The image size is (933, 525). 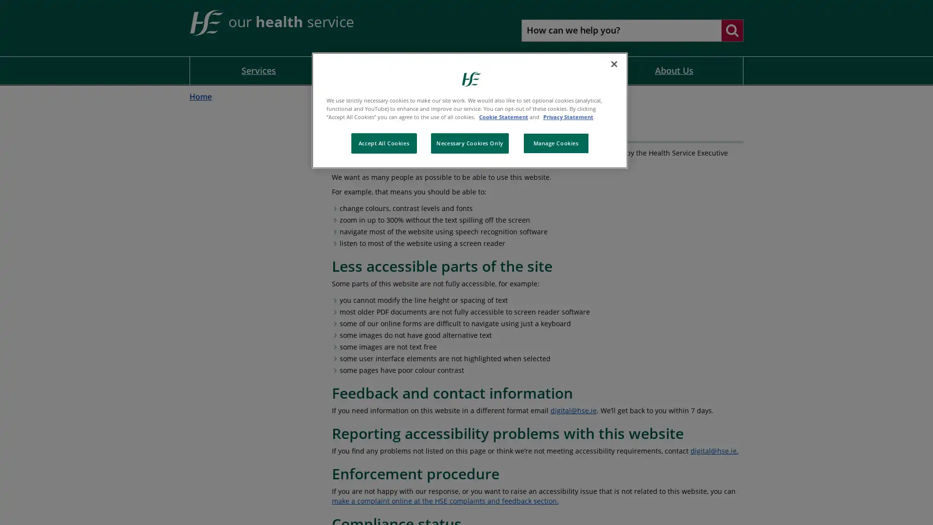 I want to click on Accept All Cookies, so click(x=383, y=143).